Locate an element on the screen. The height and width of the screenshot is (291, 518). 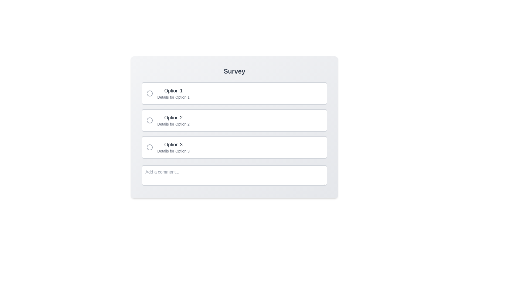
the icon to the left of 'Option 3' in the survey interface is located at coordinates (150, 147).